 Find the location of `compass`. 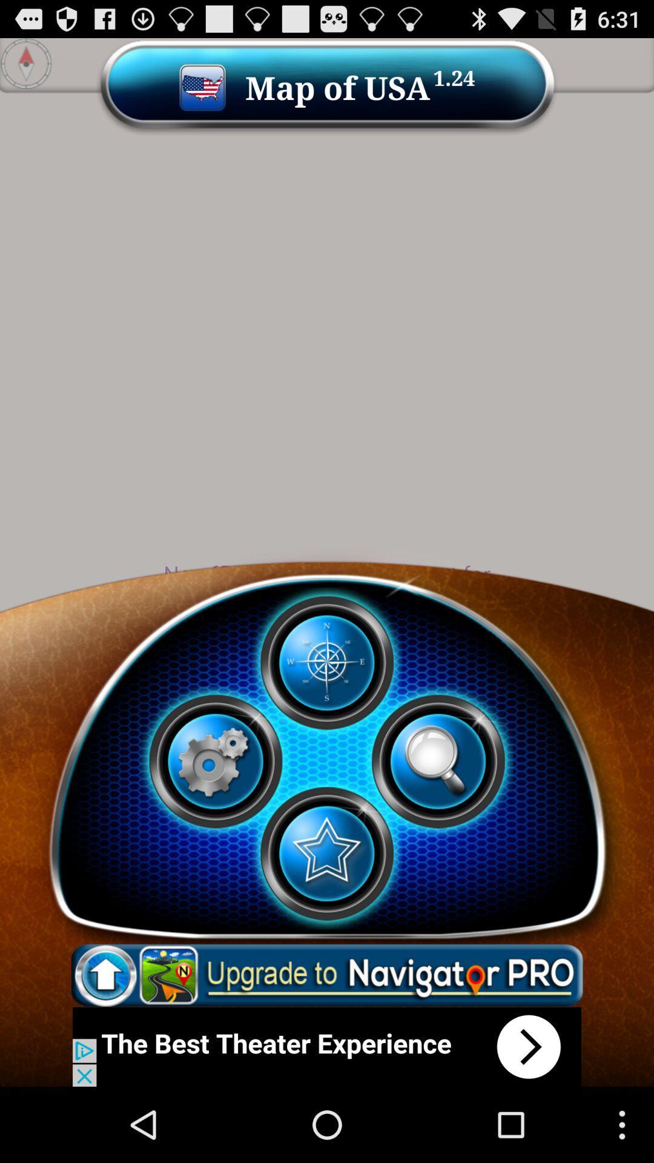

compass is located at coordinates (326, 662).